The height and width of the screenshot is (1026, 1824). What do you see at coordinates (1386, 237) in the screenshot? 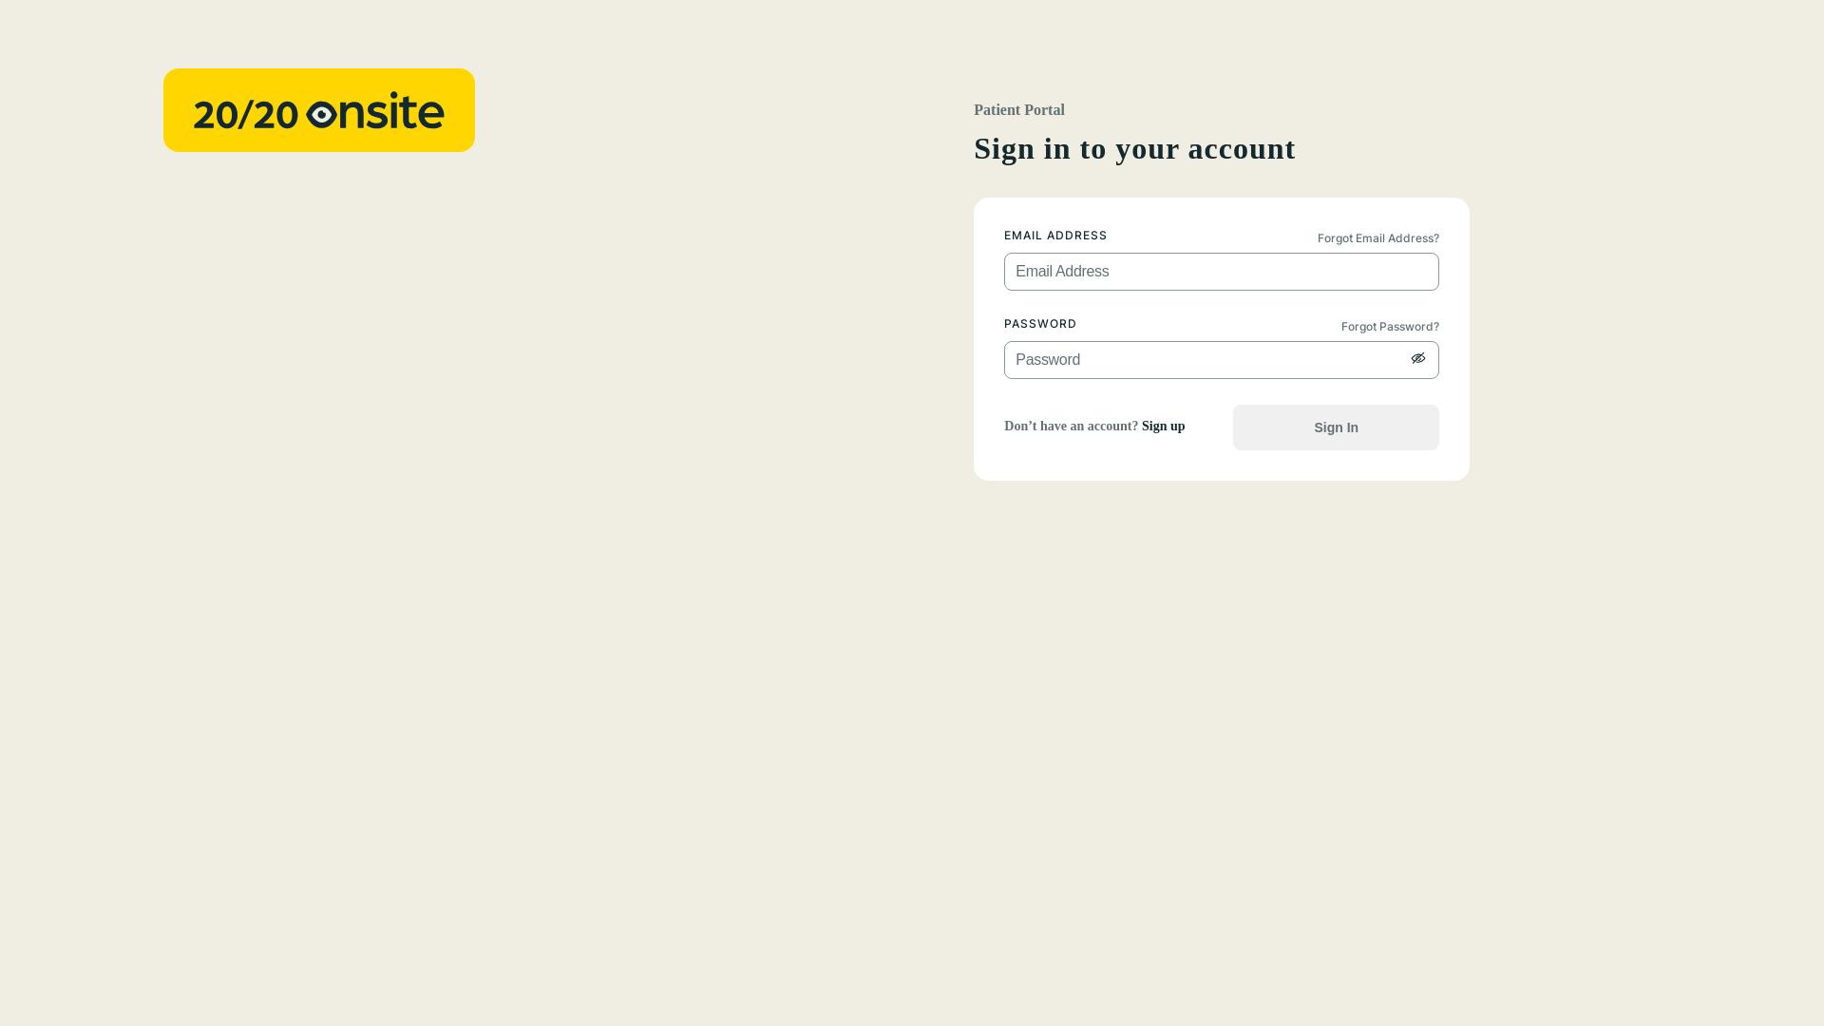
I see `'Forgot Email Address?'` at bounding box center [1386, 237].